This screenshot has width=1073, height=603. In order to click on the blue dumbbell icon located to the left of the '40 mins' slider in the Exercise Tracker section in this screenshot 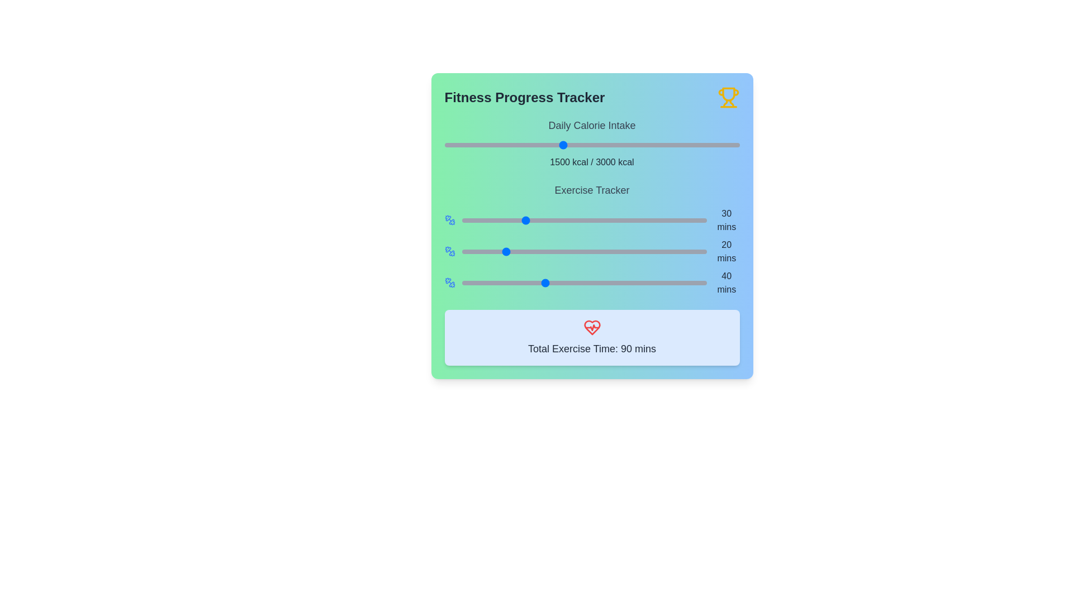, I will do `click(450, 282)`.